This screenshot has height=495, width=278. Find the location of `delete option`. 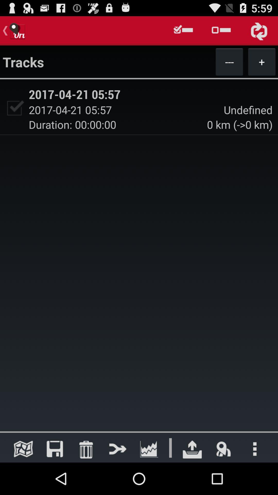

delete option is located at coordinates (86, 449).